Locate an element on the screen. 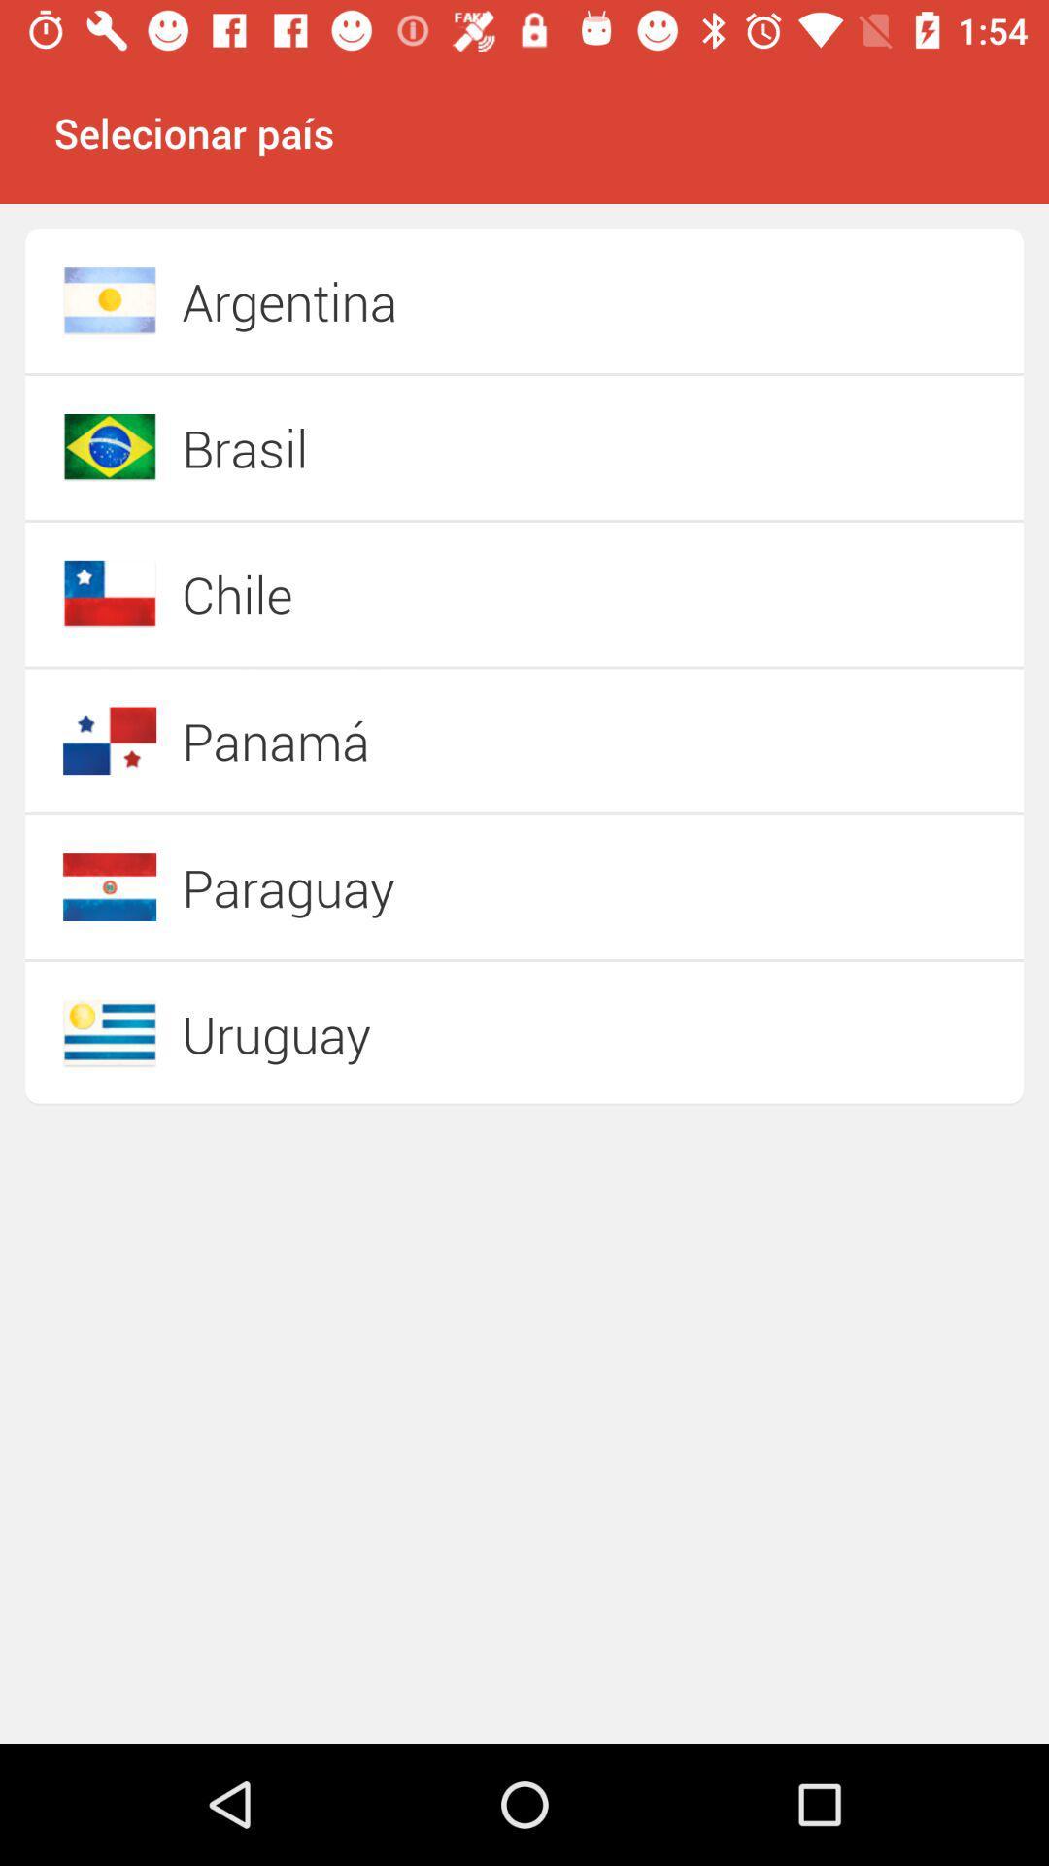  the argentina item is located at coordinates (456, 300).